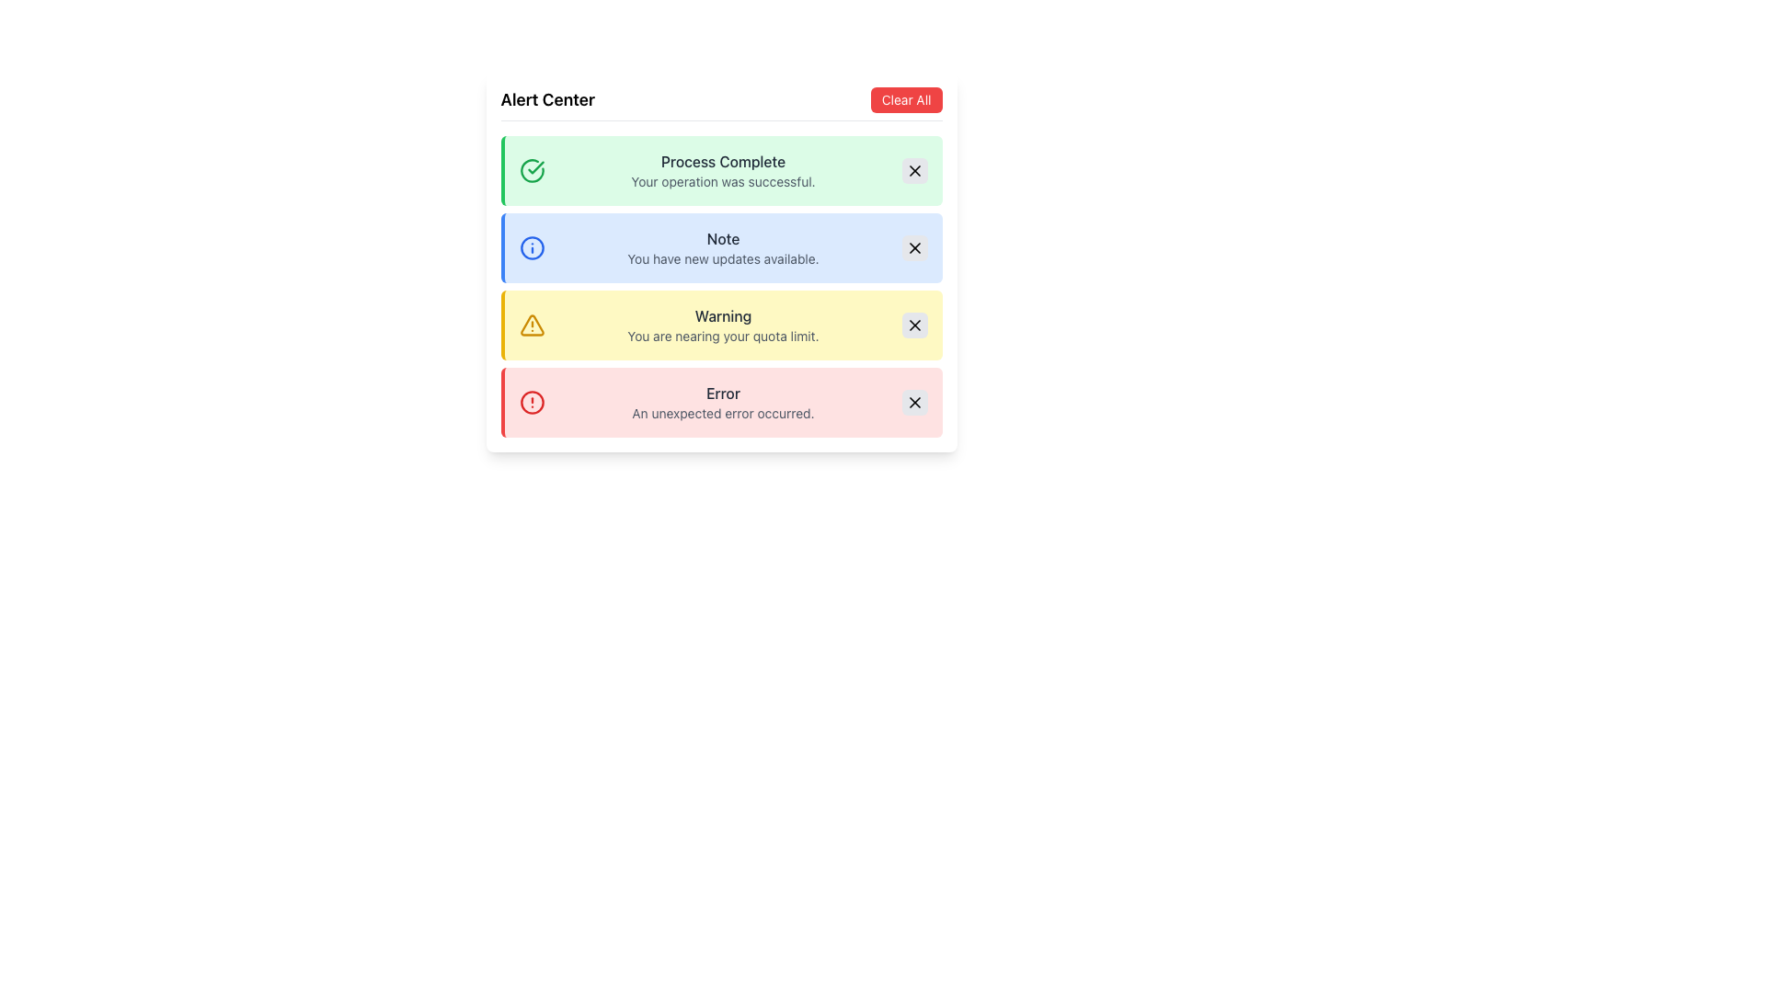 Image resolution: width=1766 pixels, height=993 pixels. I want to click on the small rectangular button with a light gray background and a black 'X' symbol, located in the top-right corner of the yellow alert message box displaying 'Warning: You are nearing your quota limit.', so click(914, 325).